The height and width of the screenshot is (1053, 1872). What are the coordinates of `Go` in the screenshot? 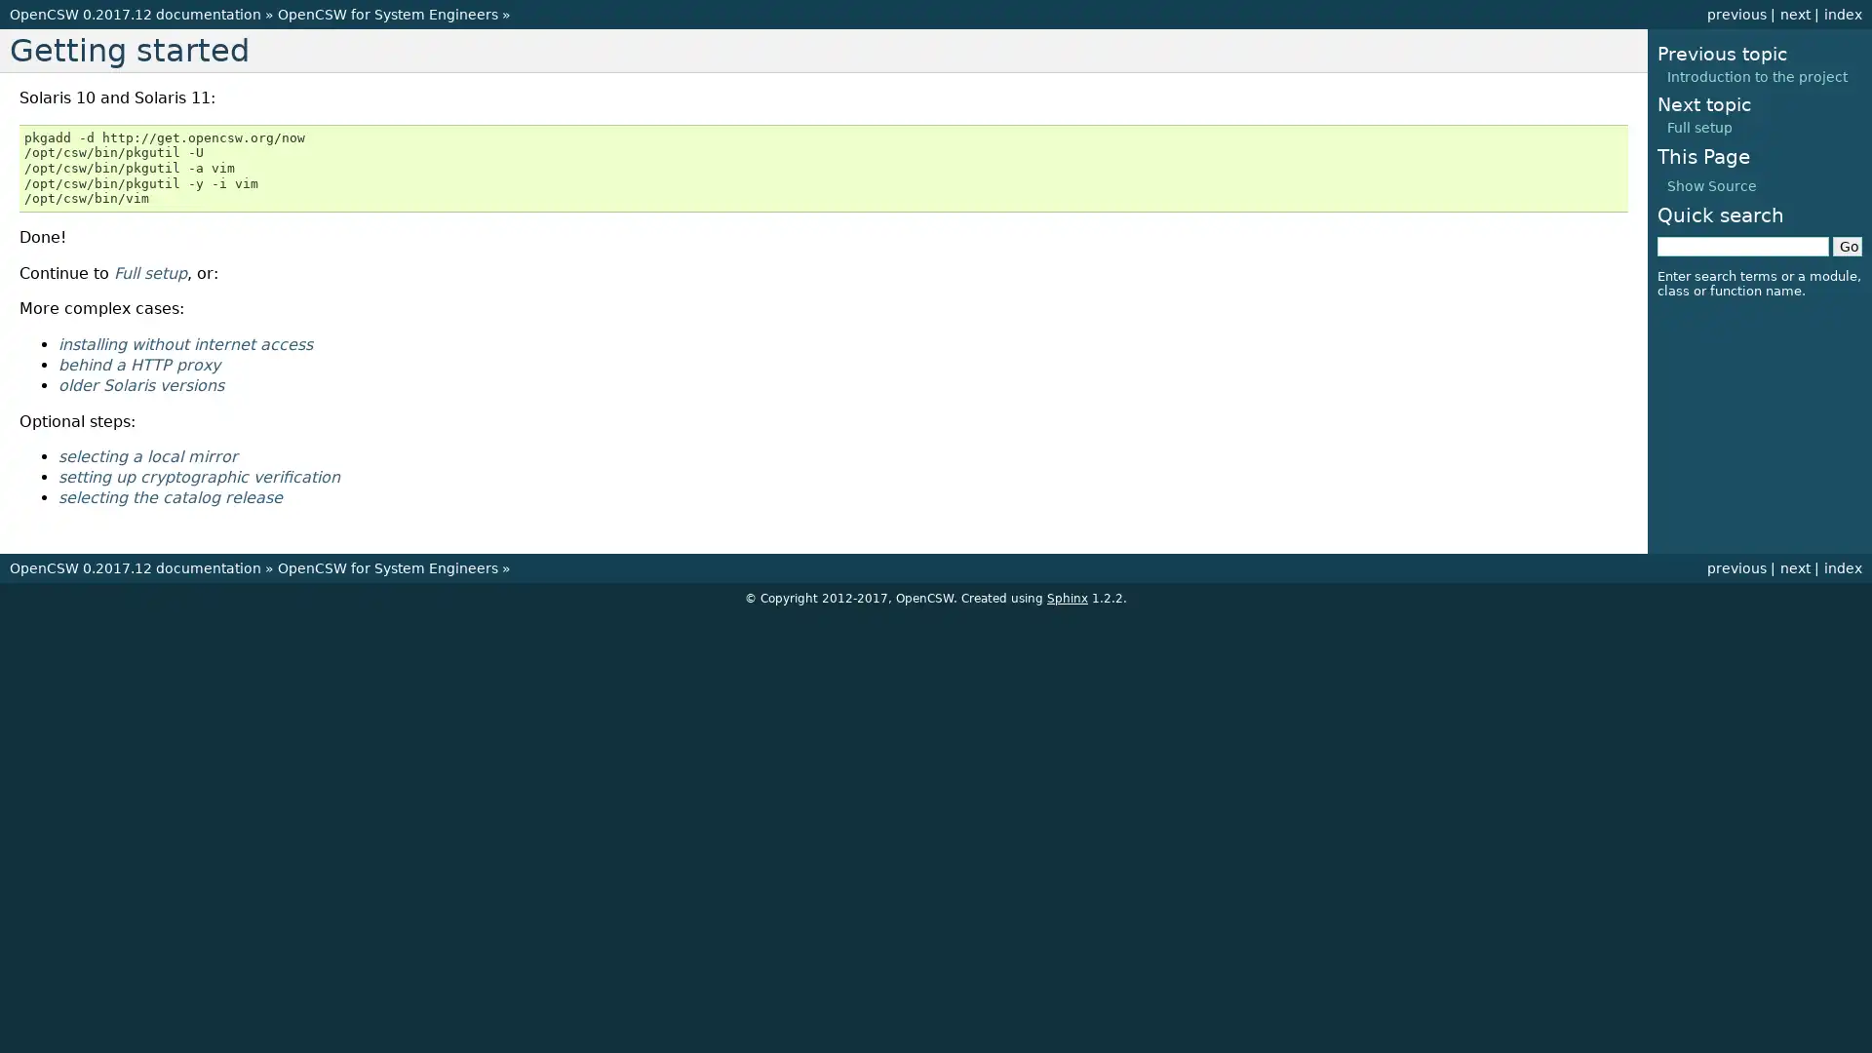 It's located at (1847, 246).